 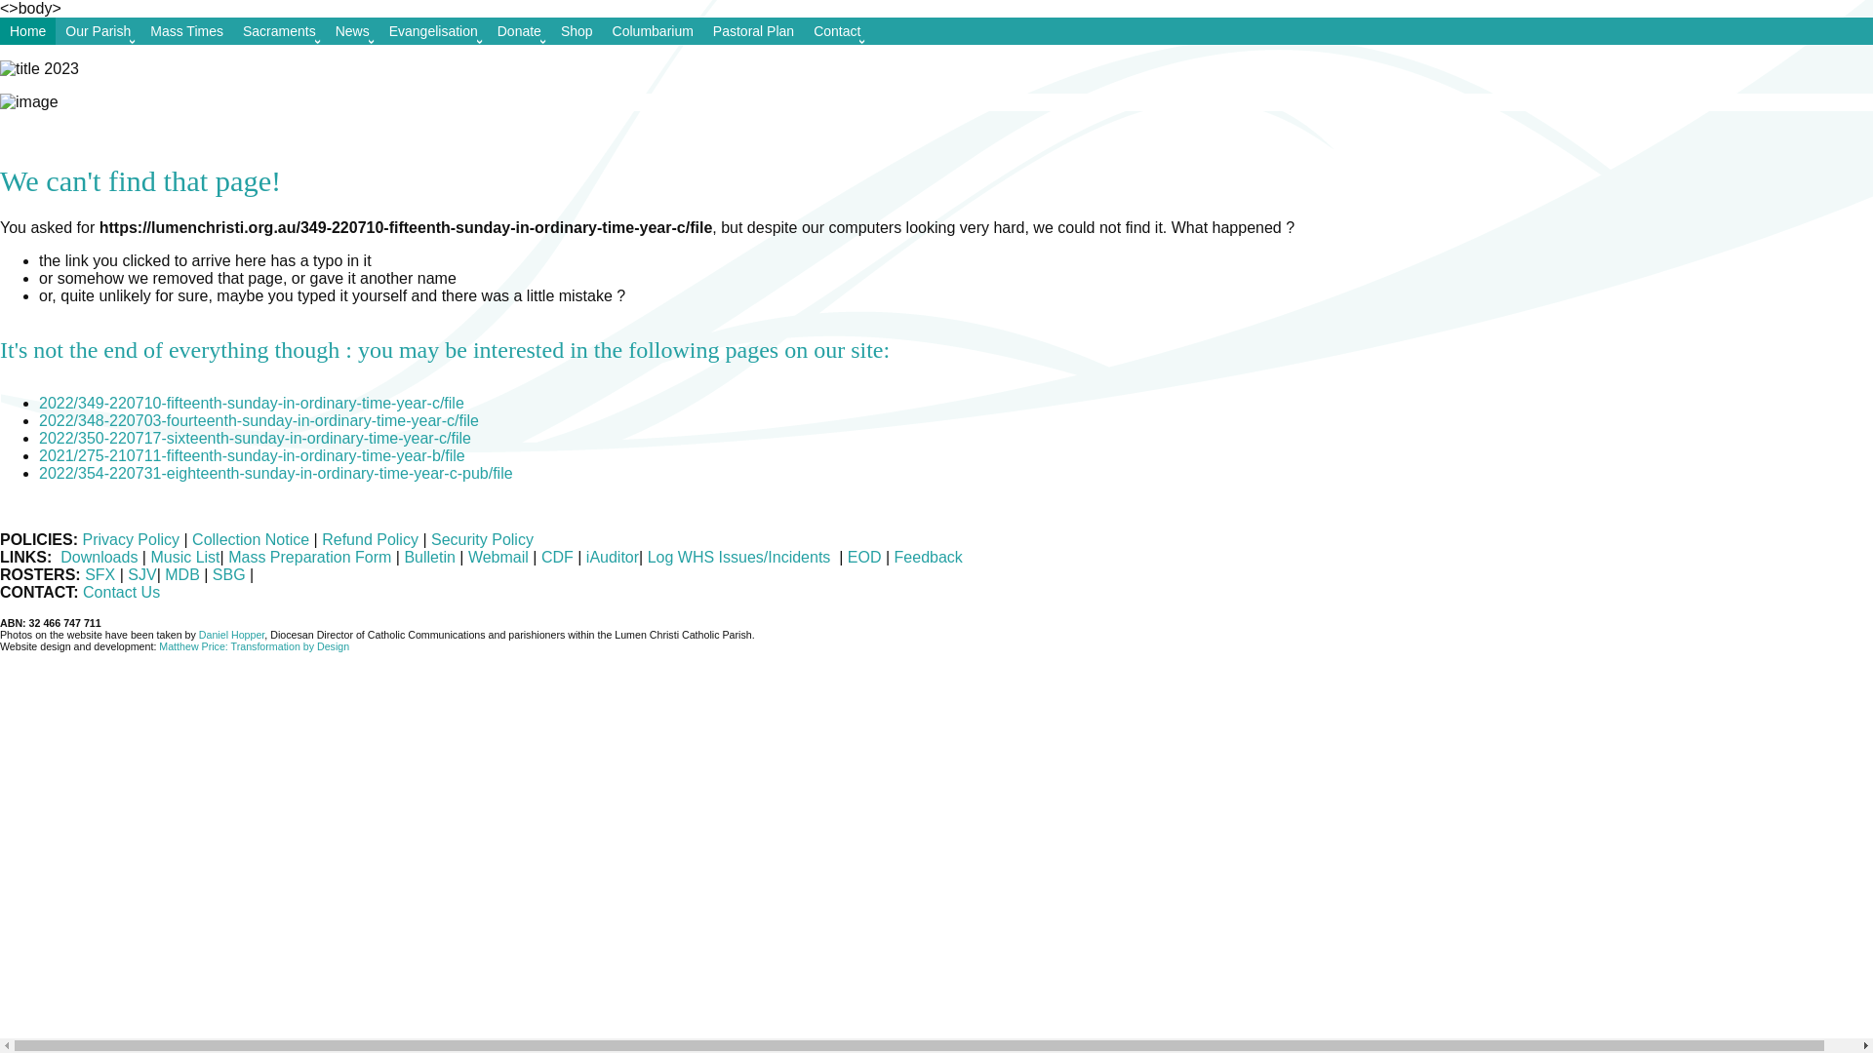 I want to click on 'Sacraments, so click(x=278, y=30).